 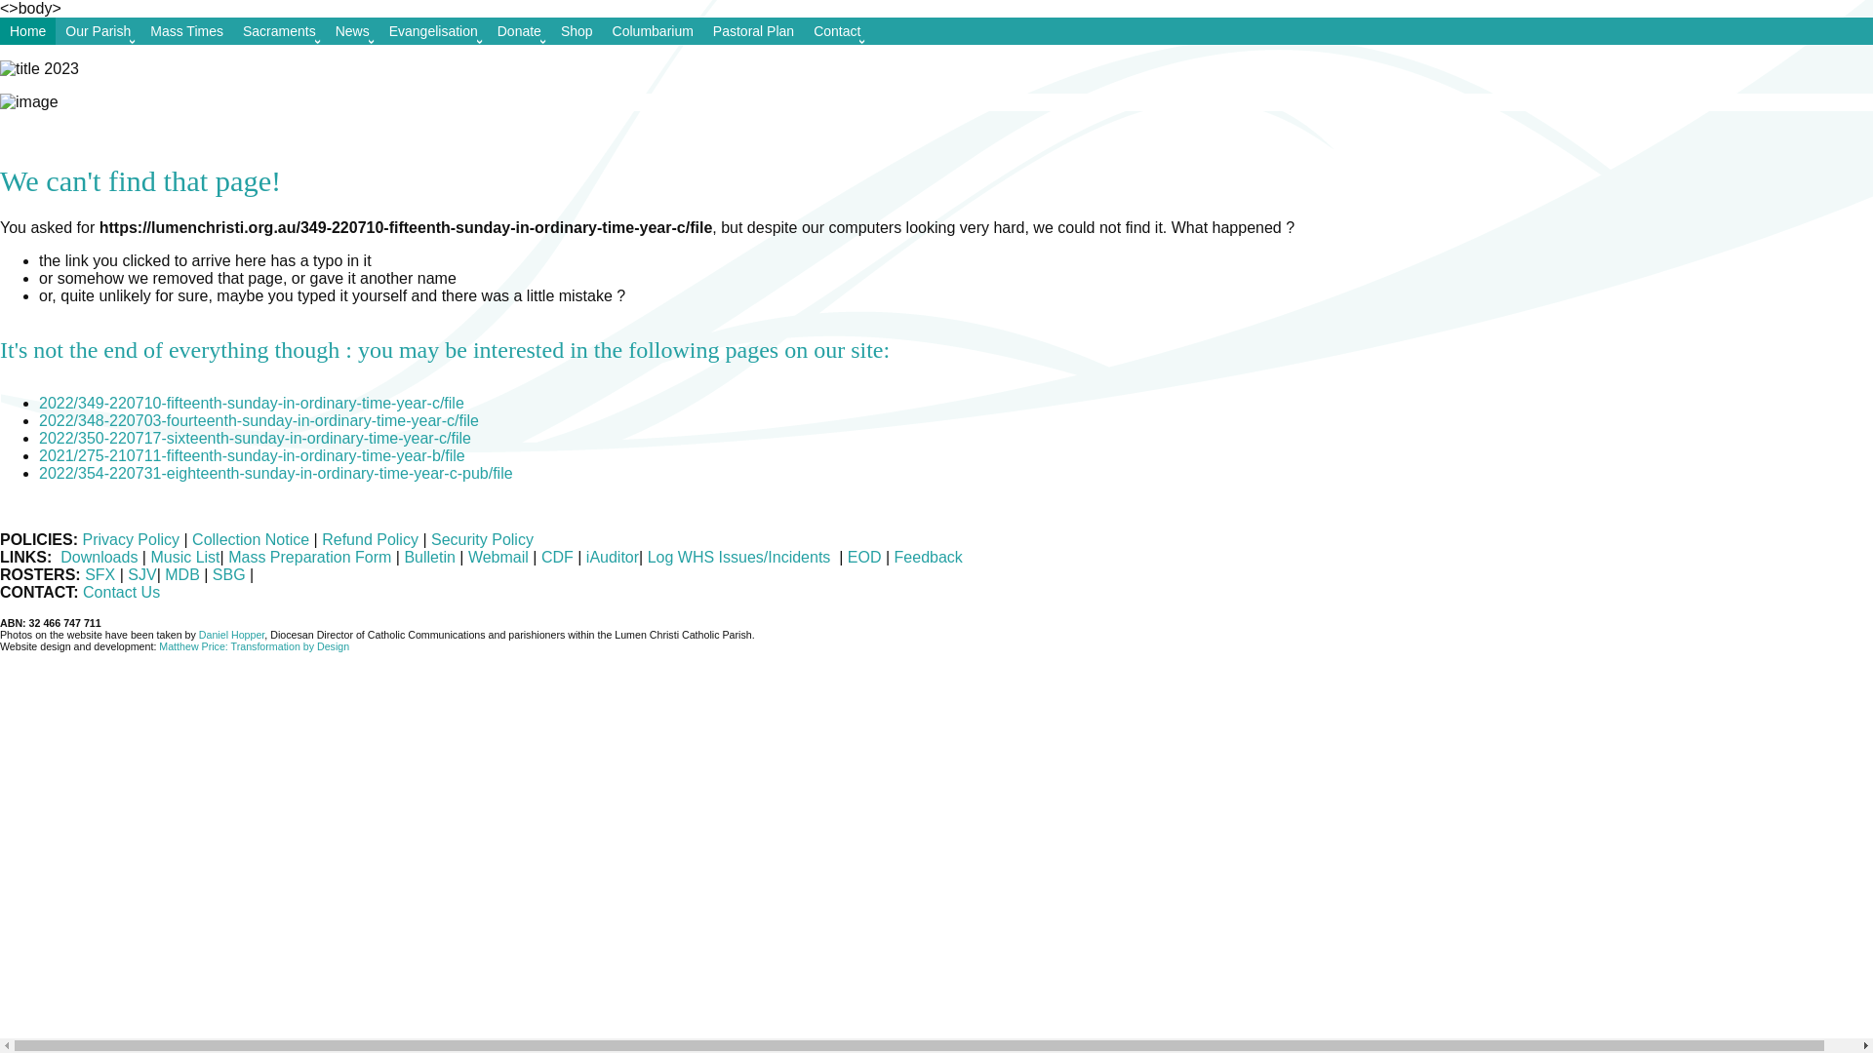 I want to click on 'Sacraments, so click(x=278, y=30).